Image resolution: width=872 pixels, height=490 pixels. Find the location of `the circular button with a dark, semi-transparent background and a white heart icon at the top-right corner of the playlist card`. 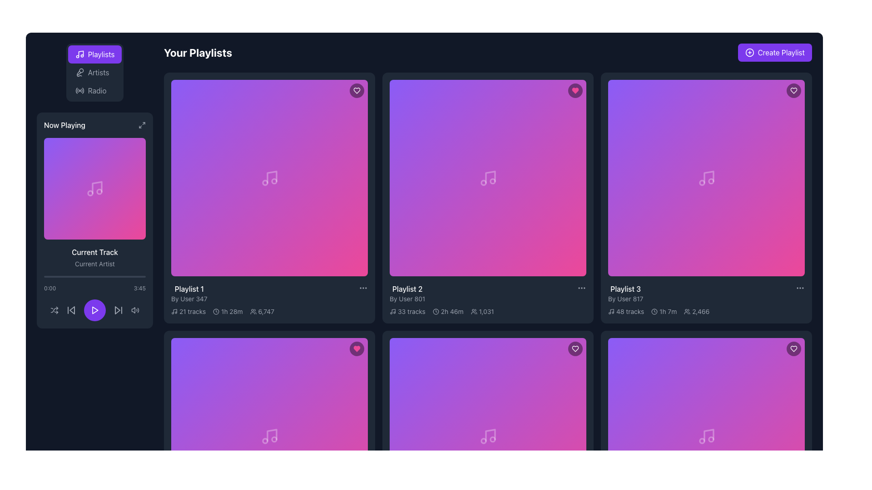

the circular button with a dark, semi-transparent background and a white heart icon at the top-right corner of the playlist card is located at coordinates (575, 348).